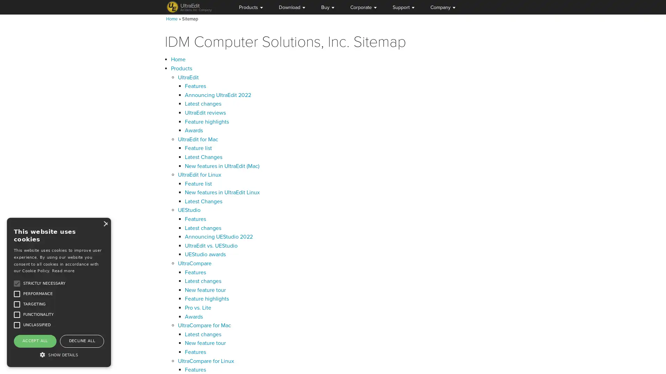 The height and width of the screenshot is (374, 666). I want to click on SHOW DETAILS, so click(59, 354).